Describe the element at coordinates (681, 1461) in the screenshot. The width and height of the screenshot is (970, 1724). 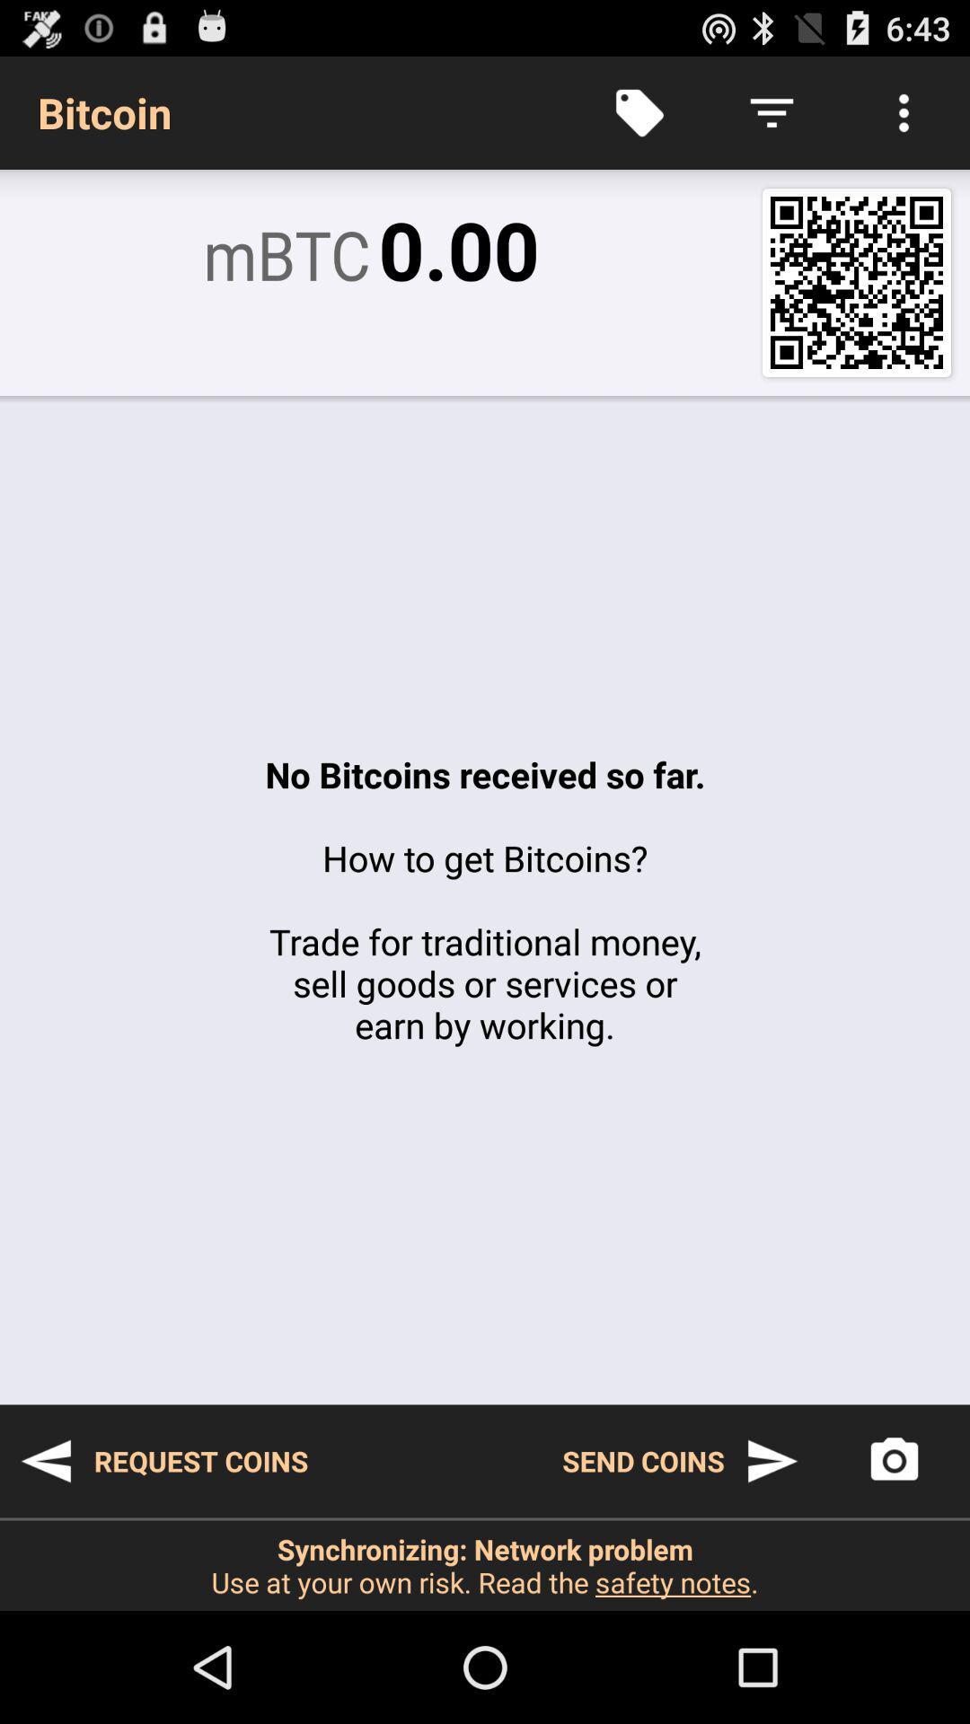
I see `the item below the no bitcoins received icon` at that location.